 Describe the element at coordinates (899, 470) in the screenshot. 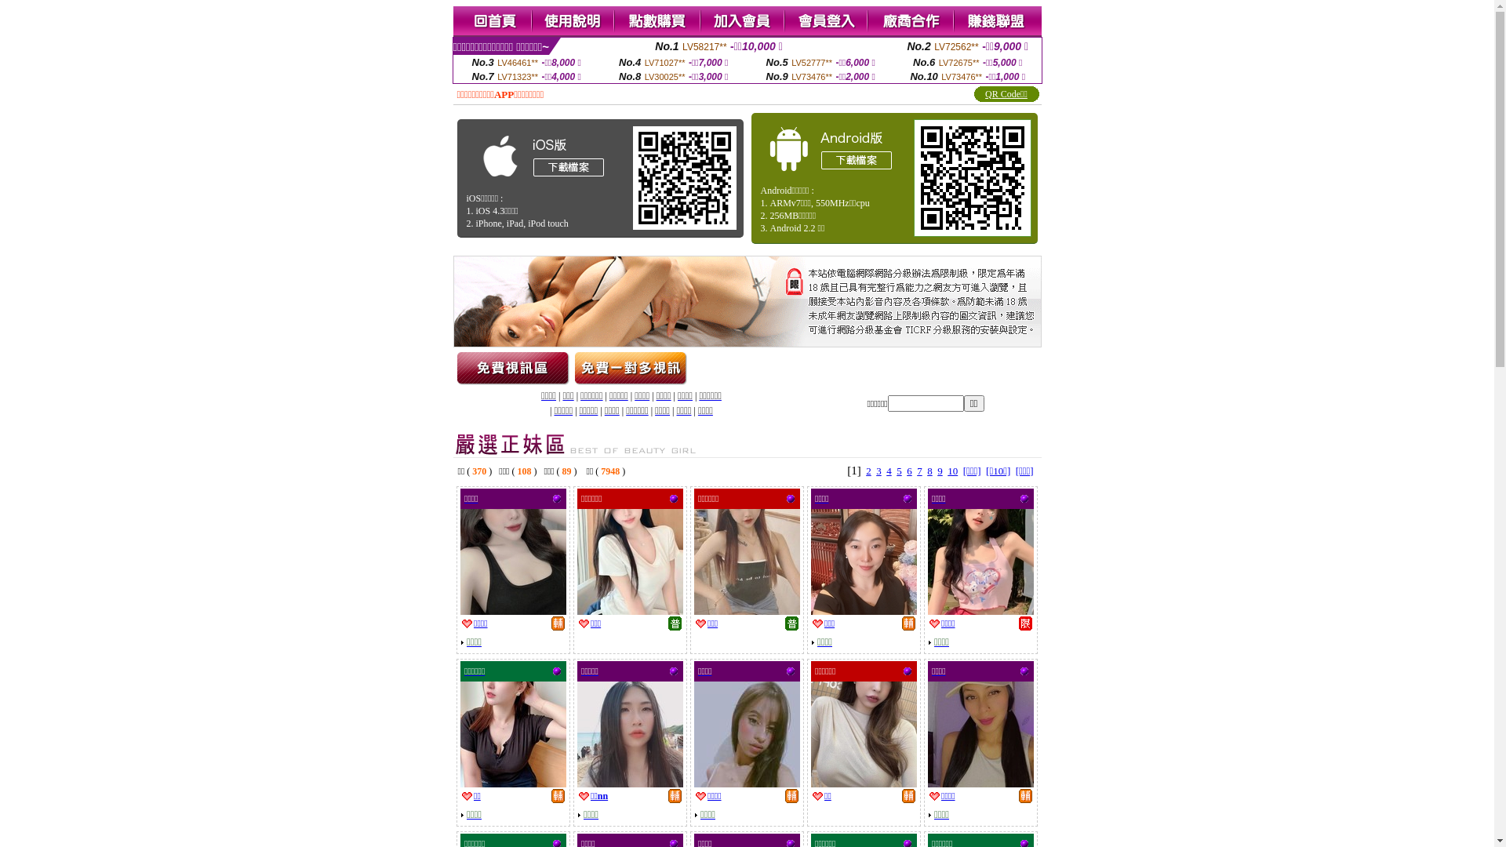

I see `'5'` at that location.